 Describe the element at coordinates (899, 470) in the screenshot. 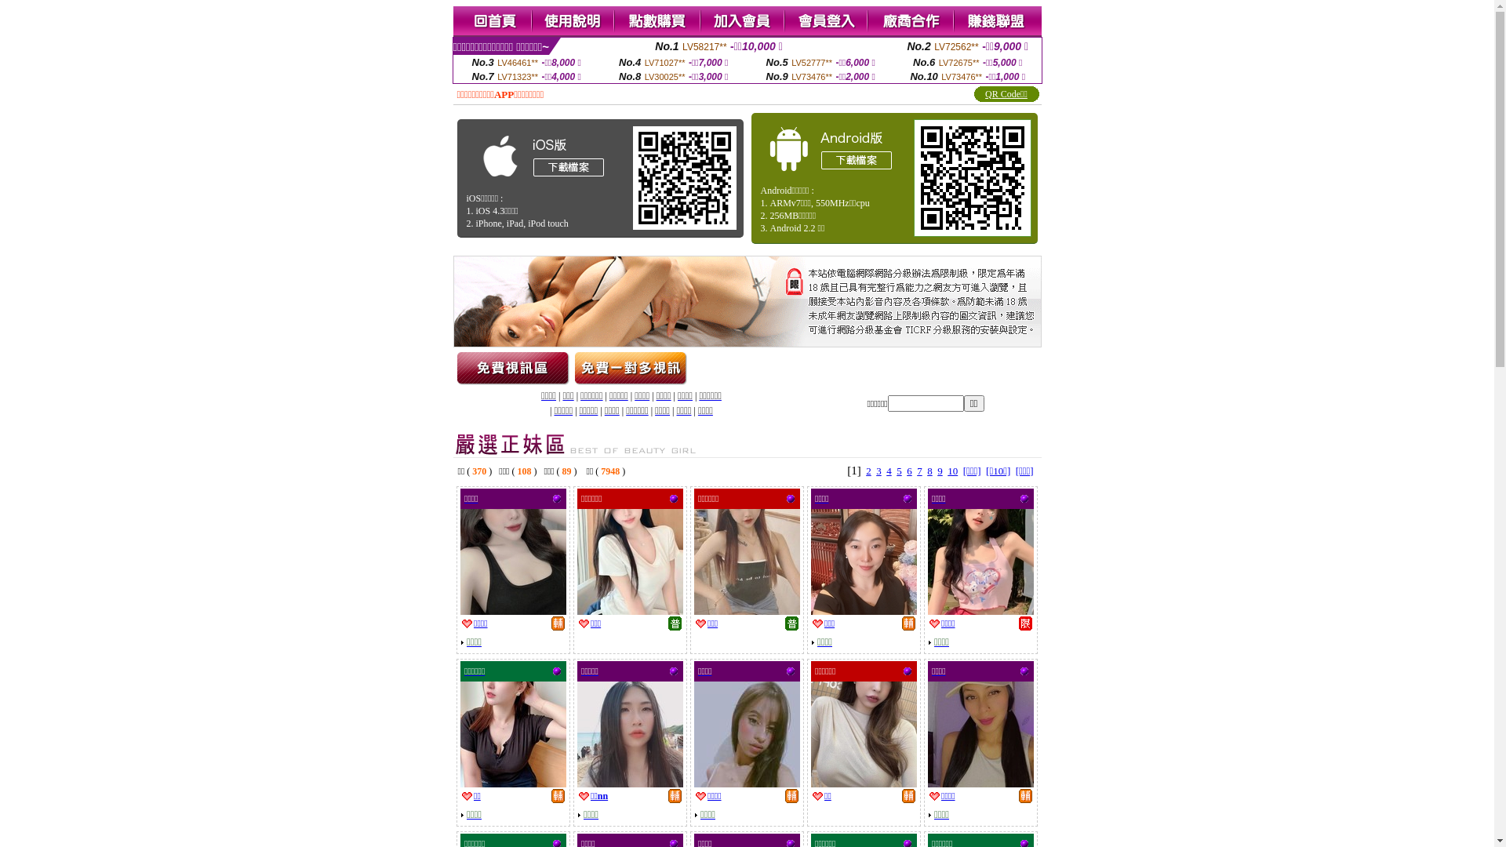

I see `'5'` at that location.